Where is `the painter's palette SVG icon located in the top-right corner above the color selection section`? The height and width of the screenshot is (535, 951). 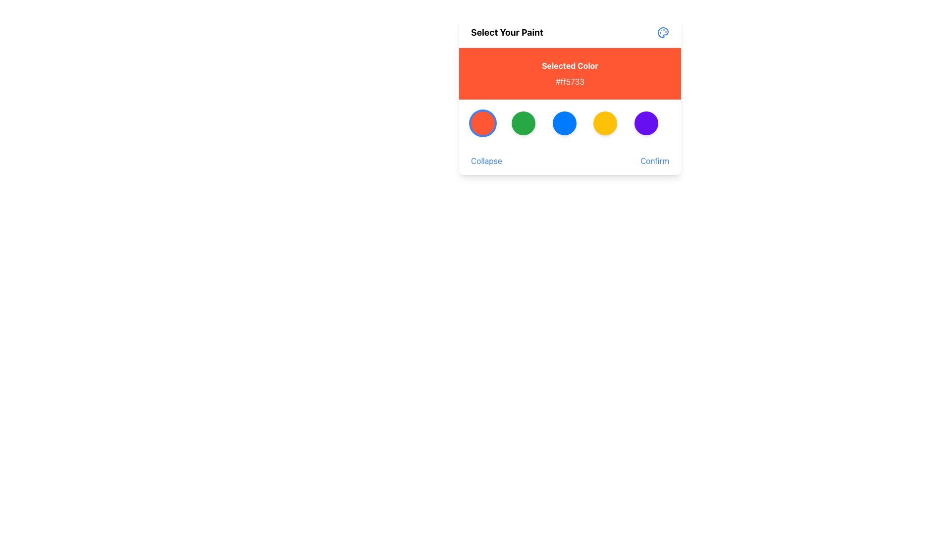
the painter's palette SVG icon located in the top-right corner above the color selection section is located at coordinates (663, 32).